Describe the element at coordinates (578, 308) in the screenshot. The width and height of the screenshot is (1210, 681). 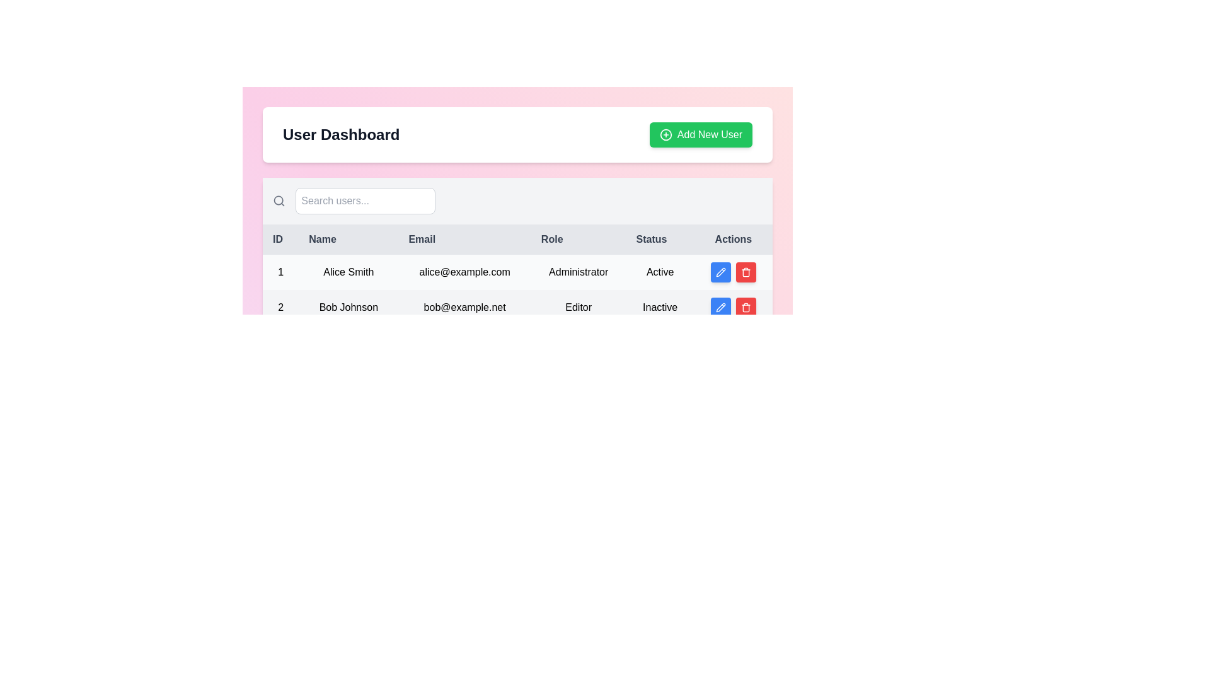
I see `the static text element in the second row of the table under the 'Role' column, following 'Bob Johnson' in the 'Name' column` at that location.